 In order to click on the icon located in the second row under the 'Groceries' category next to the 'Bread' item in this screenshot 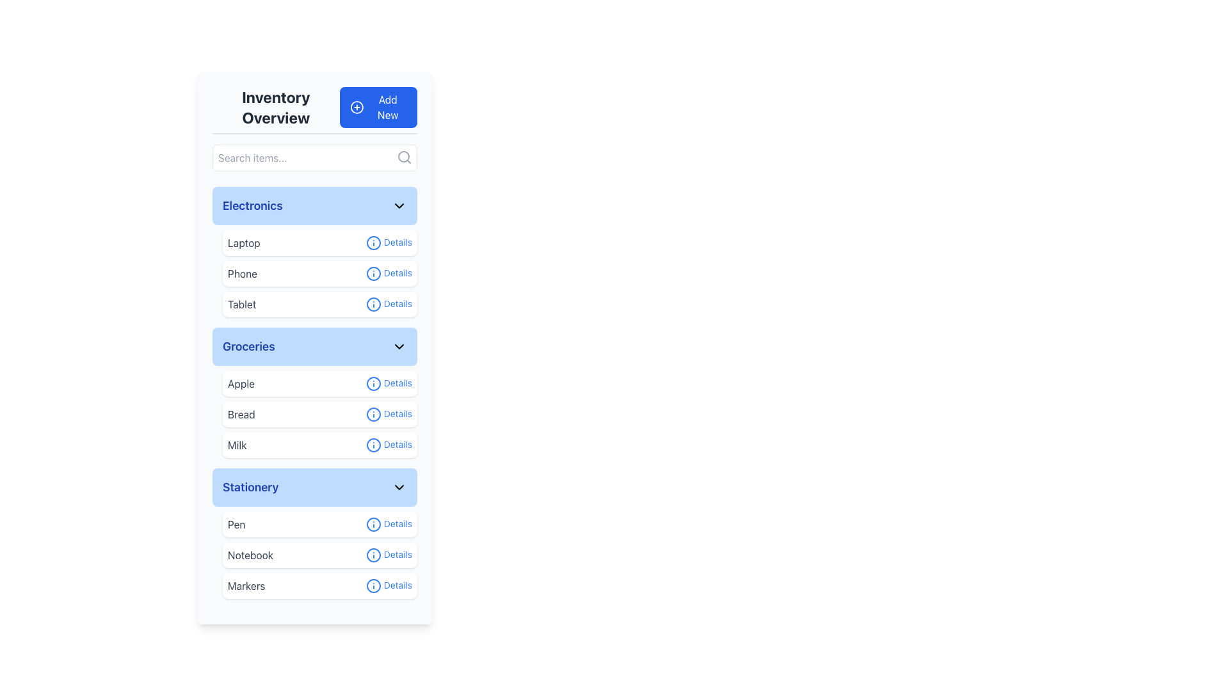, I will do `click(373, 415)`.